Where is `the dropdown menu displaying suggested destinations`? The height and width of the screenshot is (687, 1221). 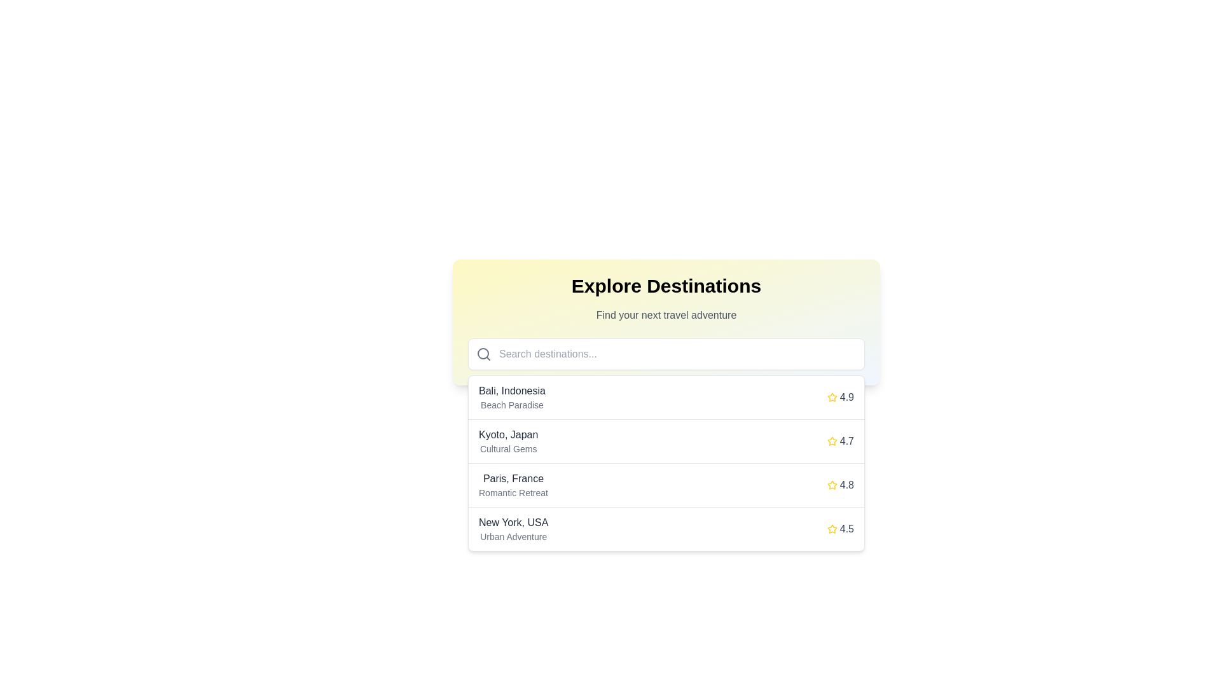 the dropdown menu displaying suggested destinations is located at coordinates (665, 463).